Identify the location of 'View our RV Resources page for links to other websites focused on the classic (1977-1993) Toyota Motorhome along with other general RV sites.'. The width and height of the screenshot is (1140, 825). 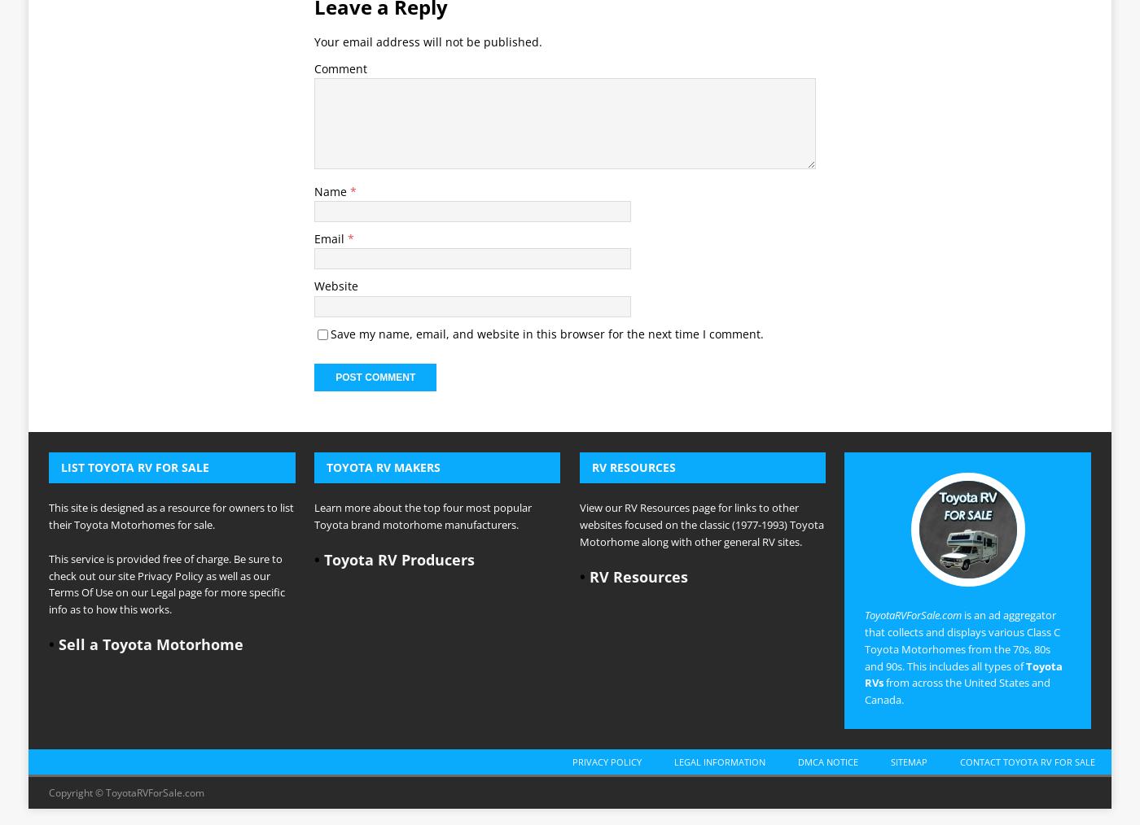
(579, 295).